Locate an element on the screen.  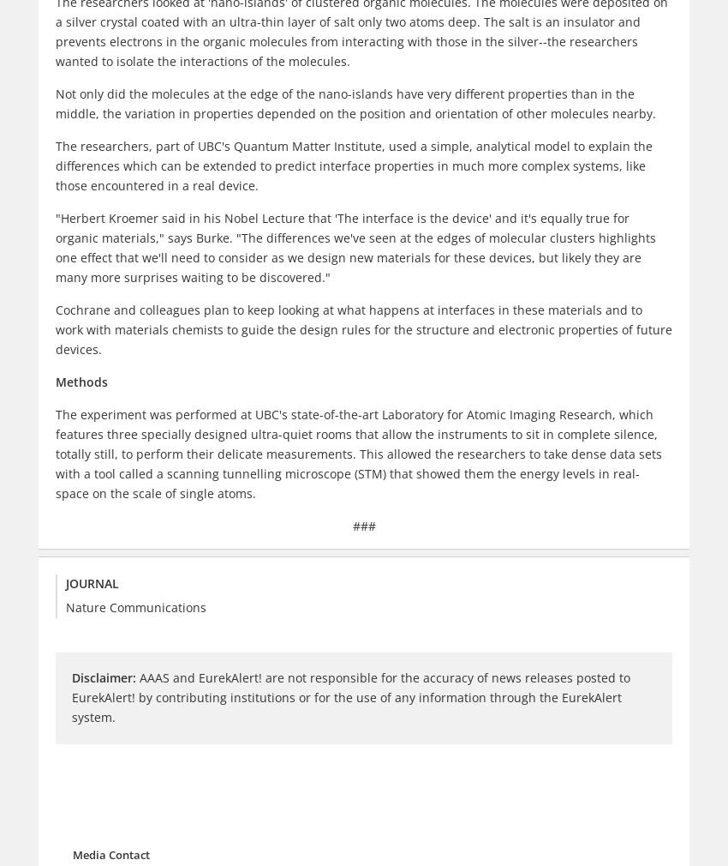
'Disclaimer:' is located at coordinates (103, 677).